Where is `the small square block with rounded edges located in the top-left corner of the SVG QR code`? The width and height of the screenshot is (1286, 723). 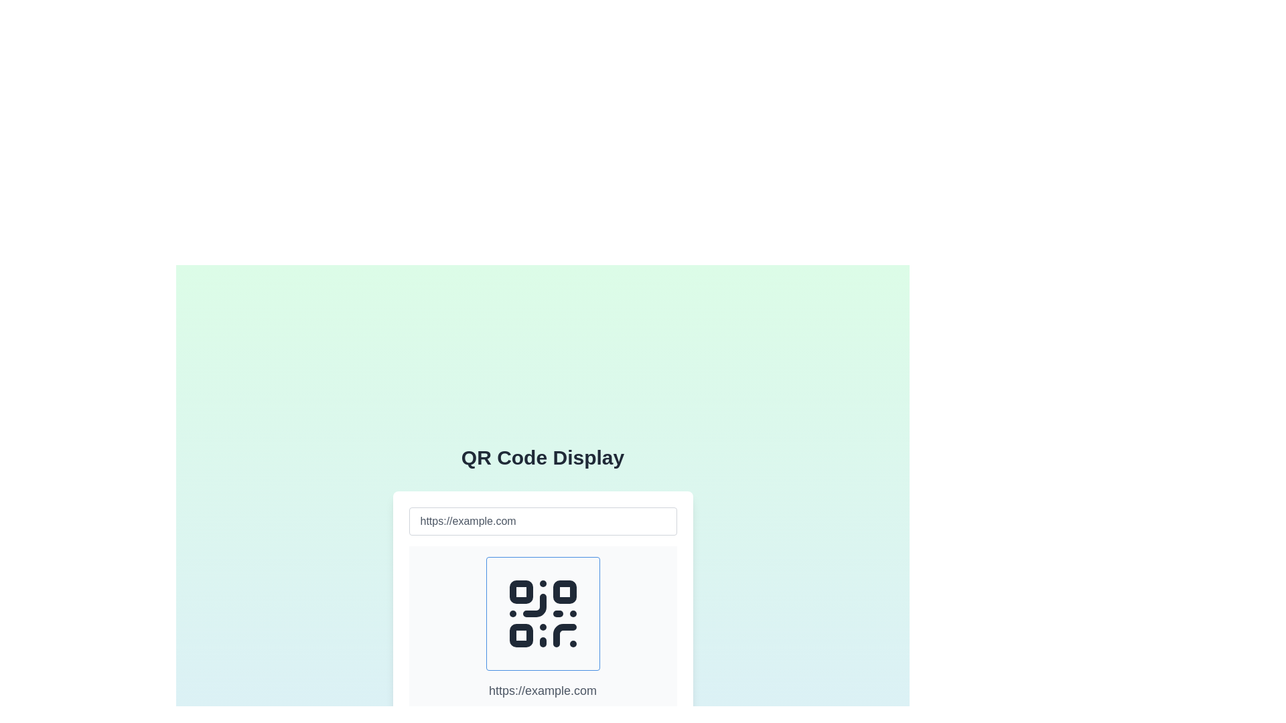 the small square block with rounded edges located in the top-left corner of the SVG QR code is located at coordinates (520, 591).